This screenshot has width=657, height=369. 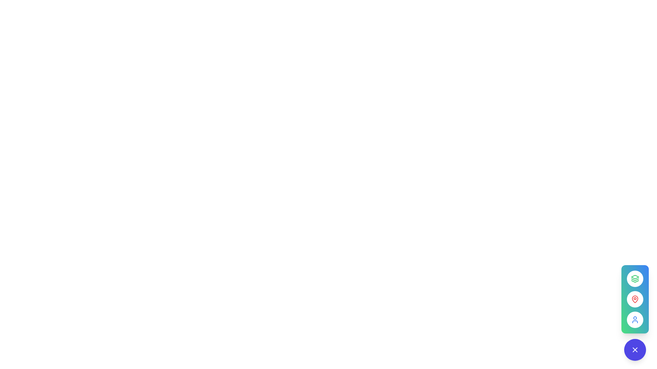 I want to click on the green graphical icon resembling a layered structure with a sharp triangular shape at the top, located at the right-hand edge of the interface, so click(x=635, y=277).